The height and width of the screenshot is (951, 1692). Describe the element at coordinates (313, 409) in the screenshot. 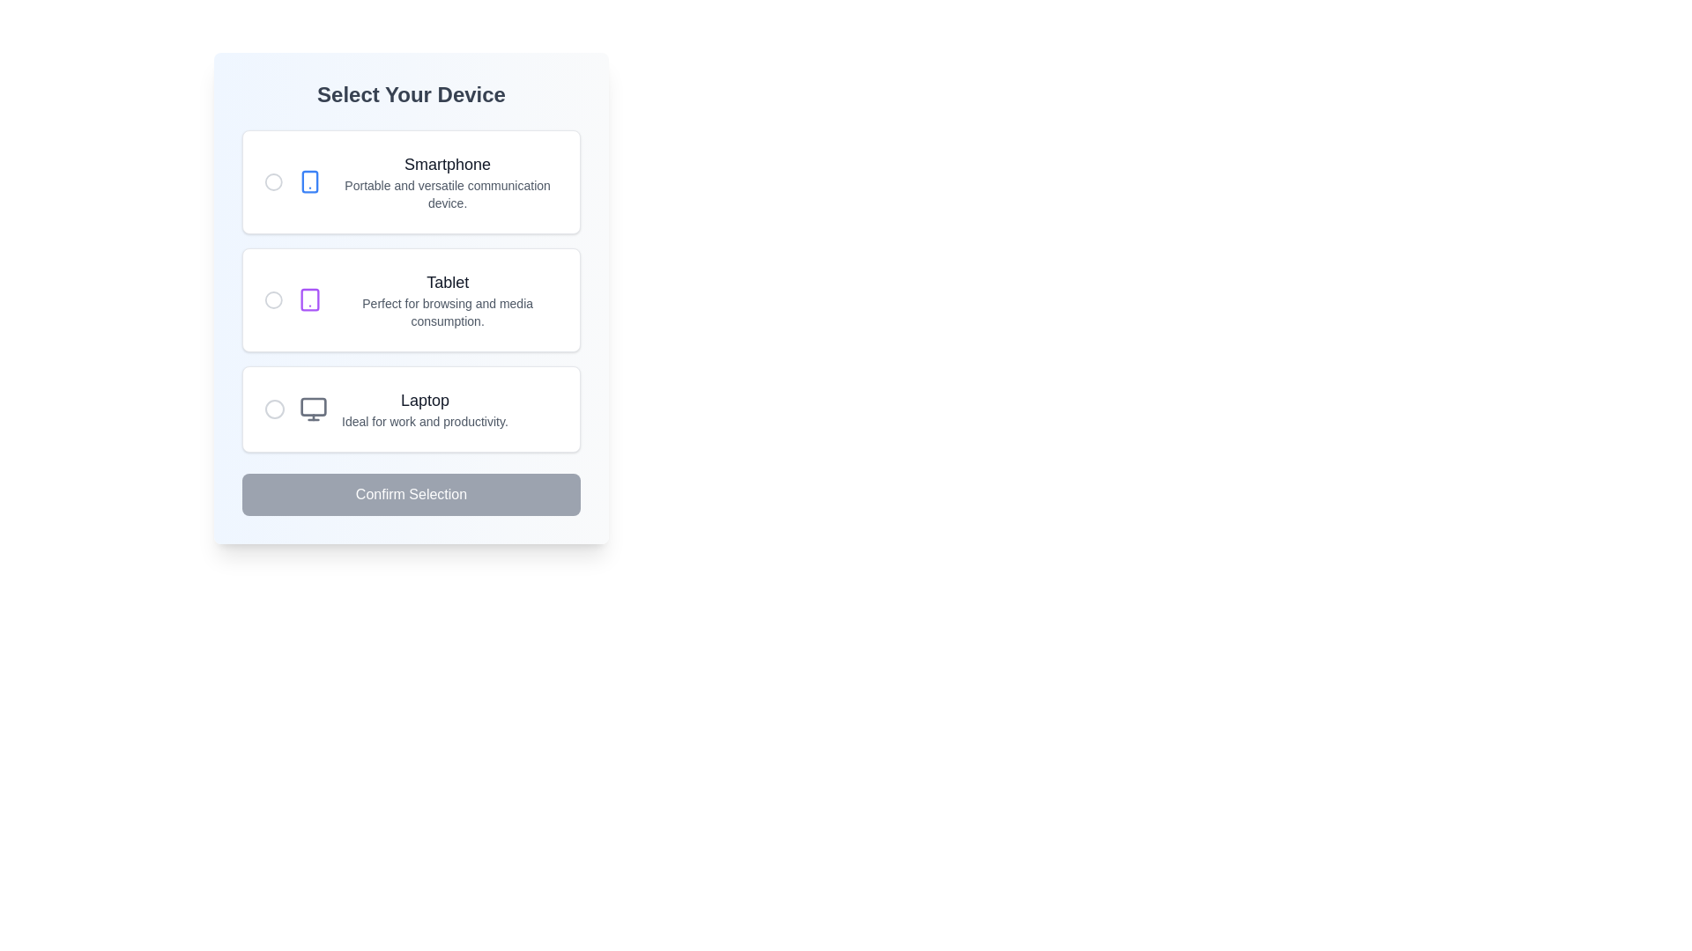

I see `the 'Laptop' icon located to the left of the 'Laptop' text in the third option card of the vertical list` at that location.